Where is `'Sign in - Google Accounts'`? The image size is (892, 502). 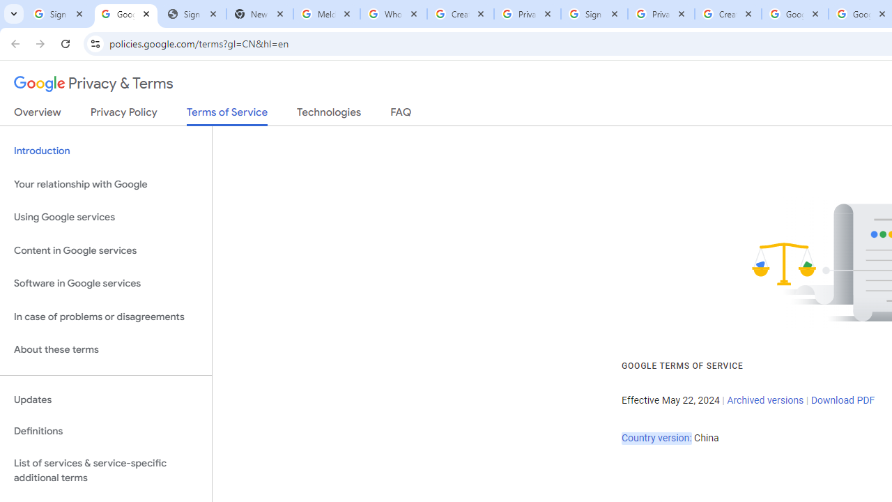
'Sign in - Google Accounts' is located at coordinates (59, 14).